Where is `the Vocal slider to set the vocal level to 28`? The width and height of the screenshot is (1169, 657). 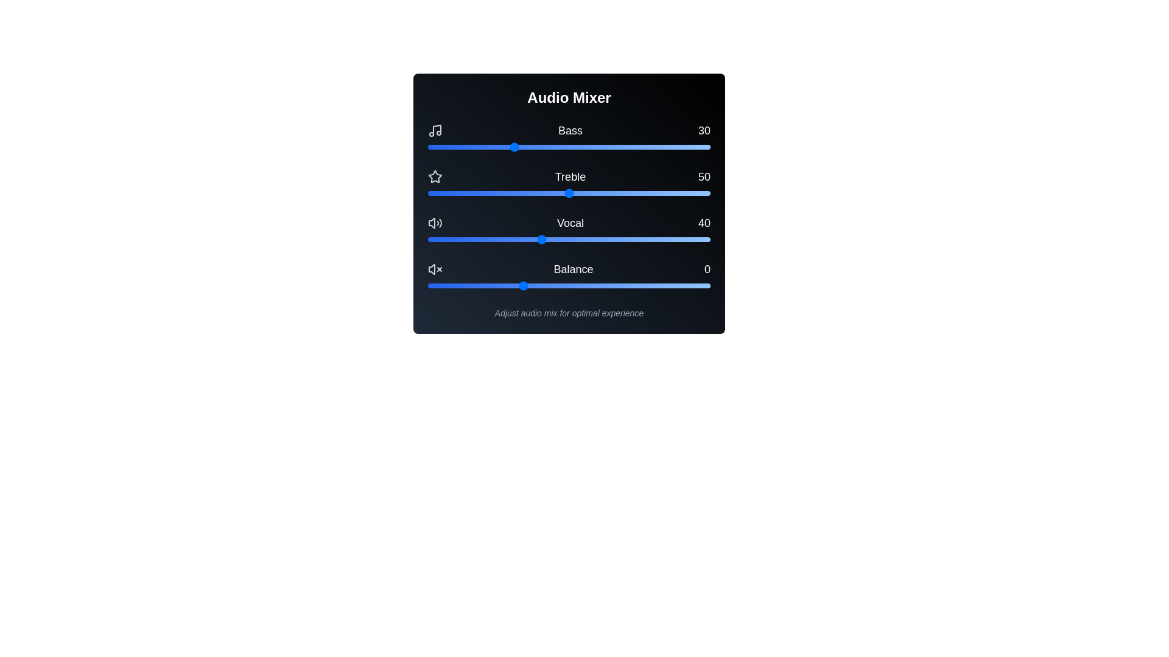 the Vocal slider to set the vocal level to 28 is located at coordinates (507, 239).